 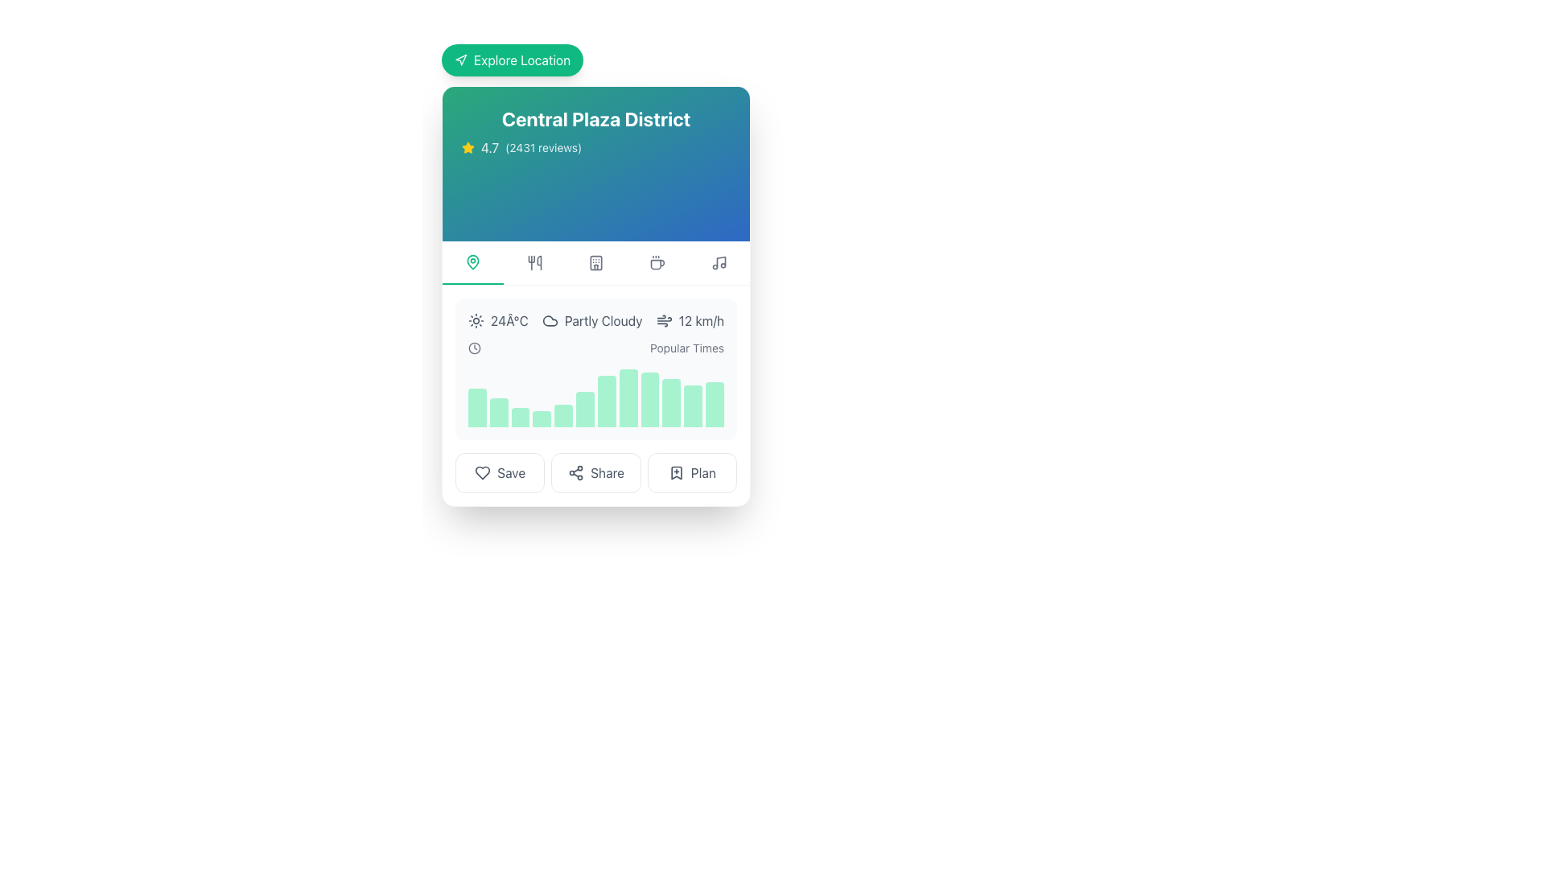 What do you see at coordinates (499, 472) in the screenshot?
I see `the 'Save' button, which is a rounded rectangle with a heart icon and muted gray text, located on the far left of the button group at the bottom of the panel` at bounding box center [499, 472].